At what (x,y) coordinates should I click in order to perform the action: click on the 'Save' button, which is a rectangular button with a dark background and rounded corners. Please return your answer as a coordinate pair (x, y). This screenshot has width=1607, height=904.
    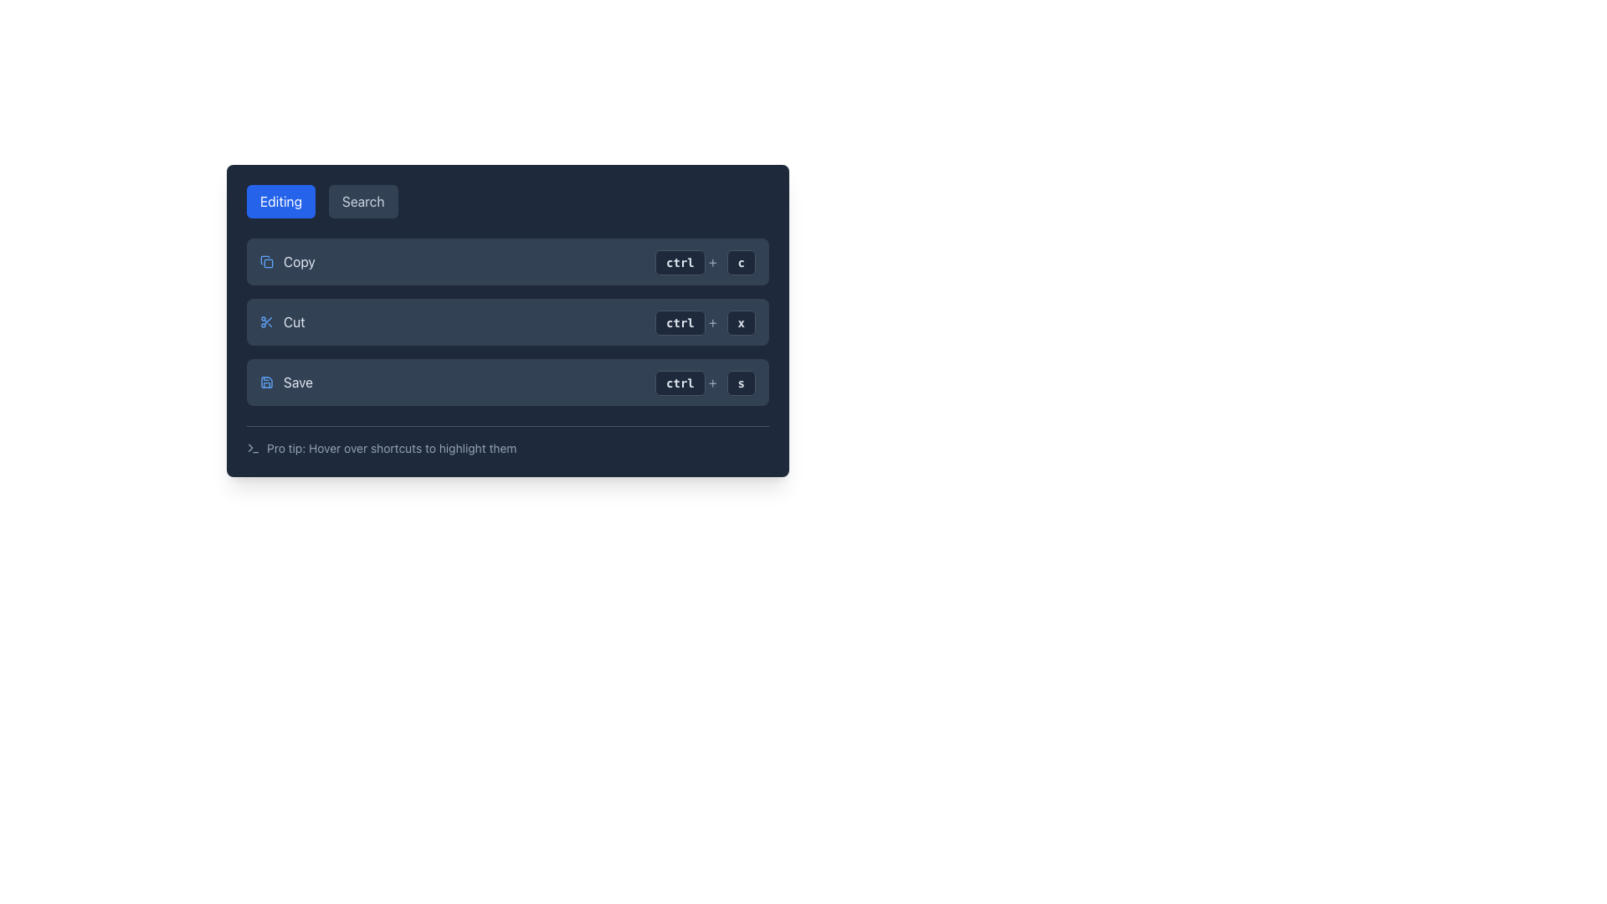
    Looking at the image, I should click on (506, 382).